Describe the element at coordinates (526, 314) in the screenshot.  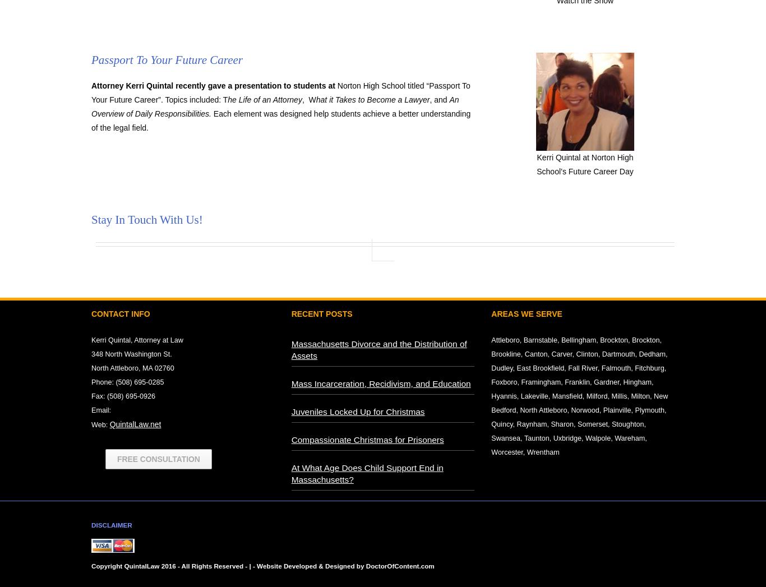
I see `'Areas We Serve'` at that location.